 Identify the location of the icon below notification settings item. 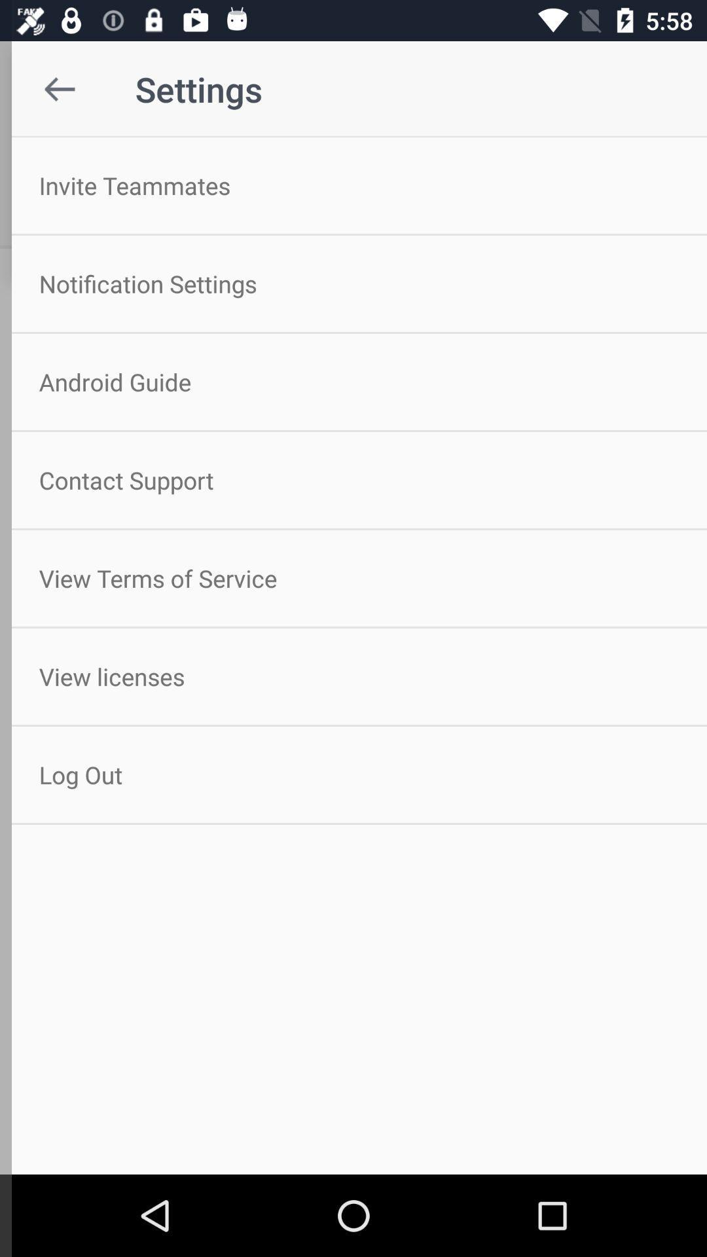
(353, 381).